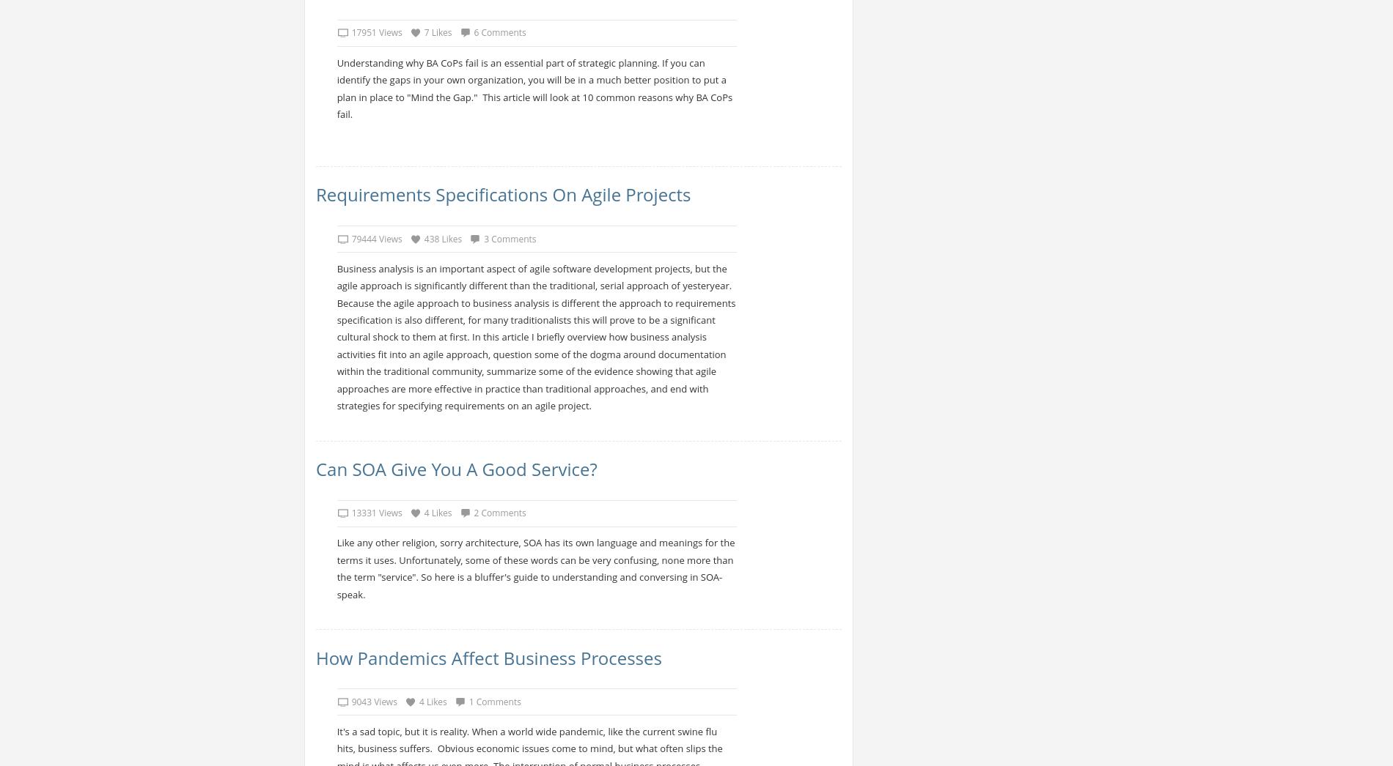  I want to click on '6 Comments', so click(474, 31).